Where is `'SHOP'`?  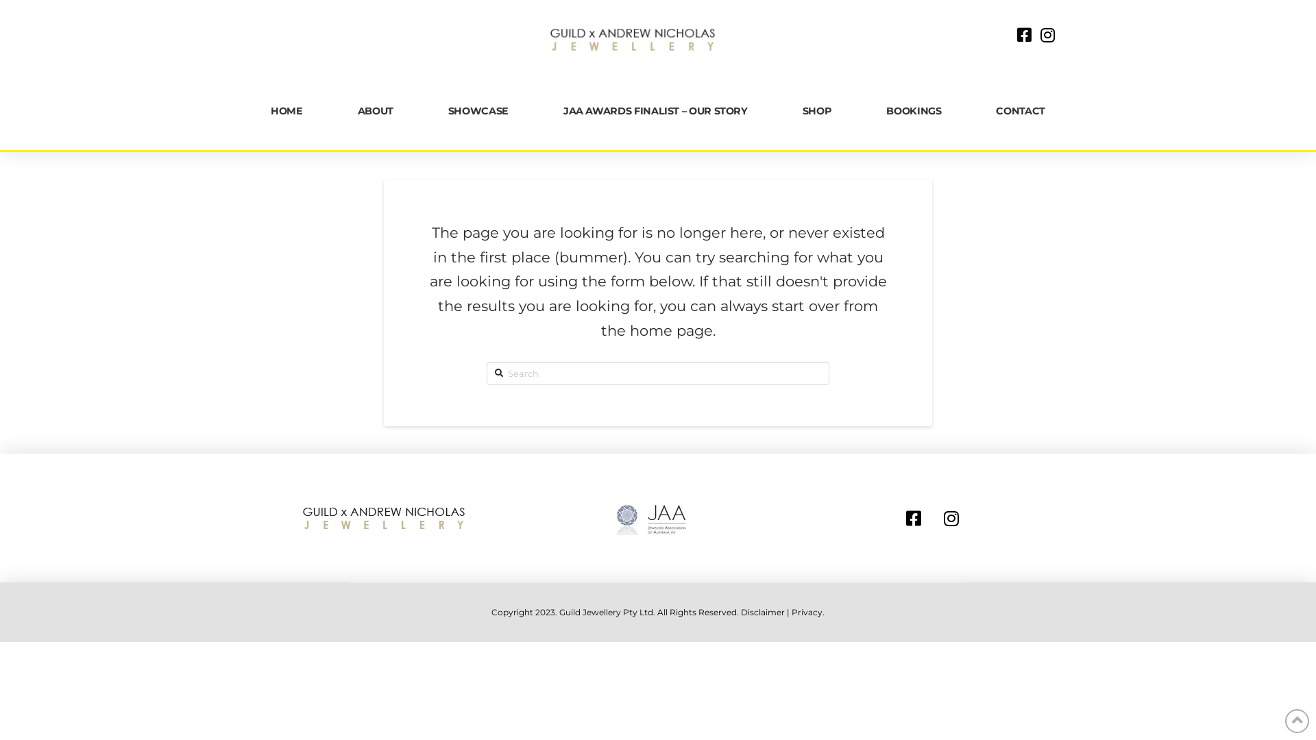
'SHOP' is located at coordinates (817, 110).